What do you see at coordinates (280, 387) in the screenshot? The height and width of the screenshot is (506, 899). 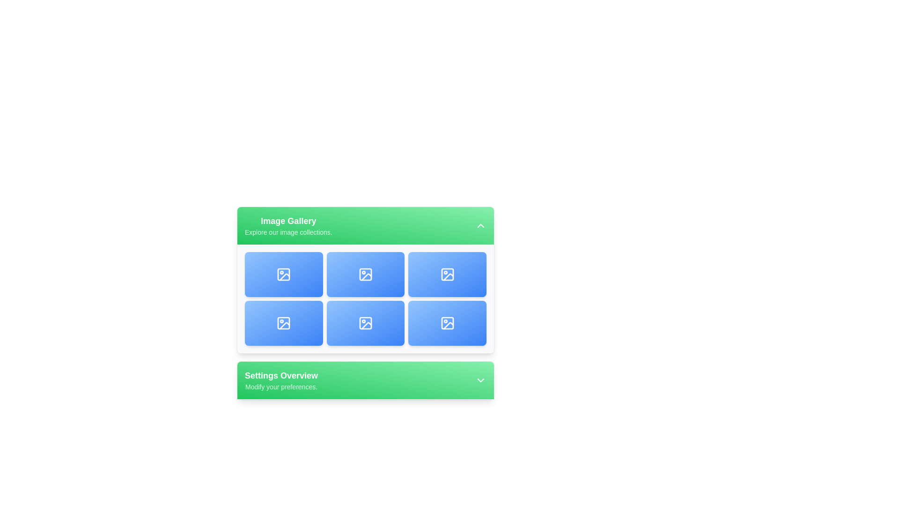 I see `the text label styled with a small font size and green text color located below the 'Settings Overview' section heading` at bounding box center [280, 387].